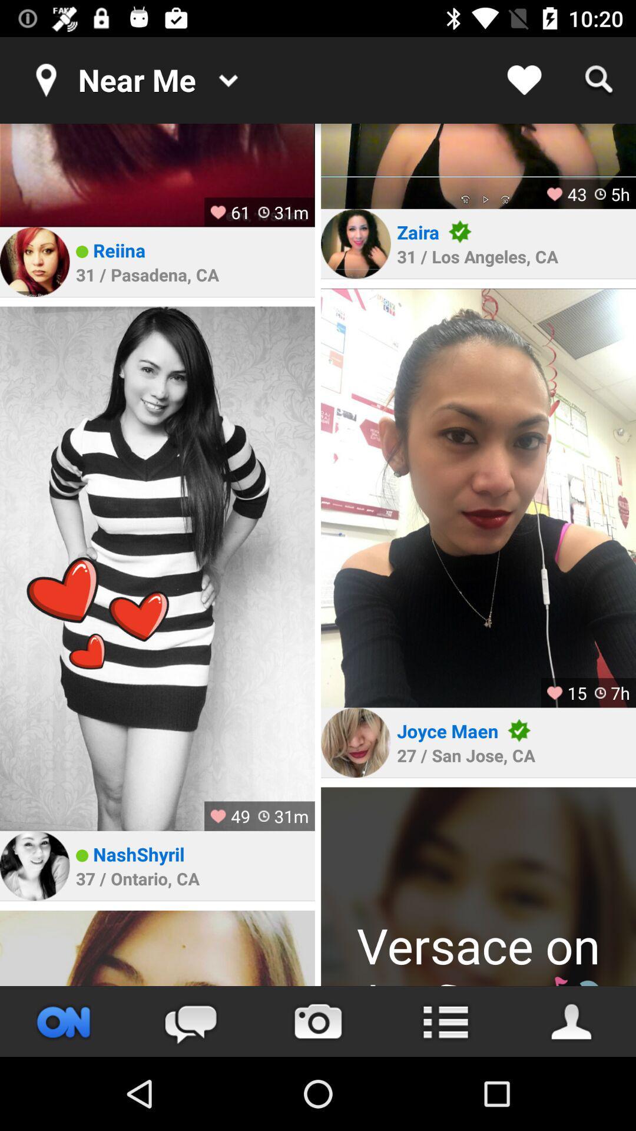 The height and width of the screenshot is (1131, 636). Describe the element at coordinates (318, 1021) in the screenshot. I see `take photo` at that location.